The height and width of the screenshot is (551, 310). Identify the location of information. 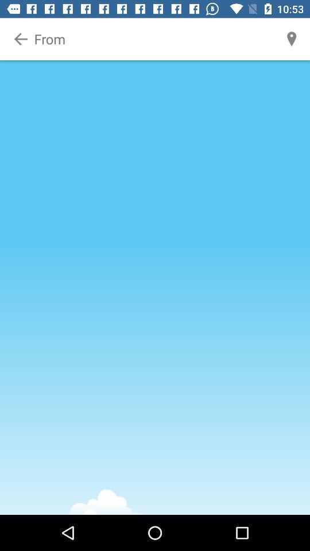
(155, 39).